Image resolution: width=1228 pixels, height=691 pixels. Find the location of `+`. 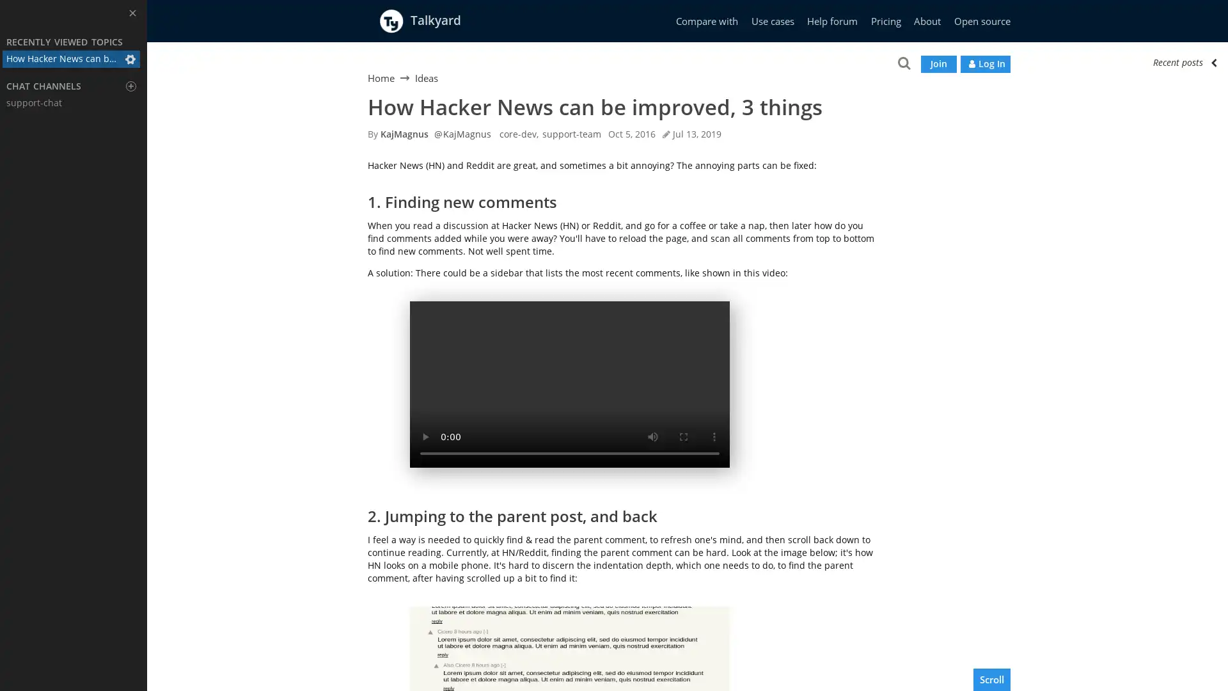

+ is located at coordinates (131, 86).